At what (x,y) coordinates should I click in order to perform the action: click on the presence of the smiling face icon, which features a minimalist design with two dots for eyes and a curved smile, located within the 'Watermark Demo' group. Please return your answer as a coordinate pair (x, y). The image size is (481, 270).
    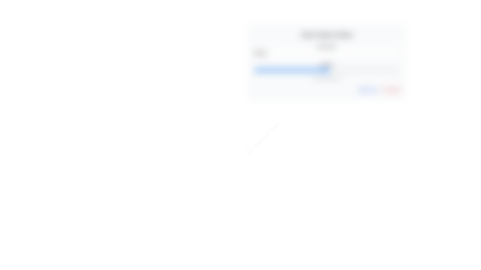
    Looking at the image, I should click on (249, 151).